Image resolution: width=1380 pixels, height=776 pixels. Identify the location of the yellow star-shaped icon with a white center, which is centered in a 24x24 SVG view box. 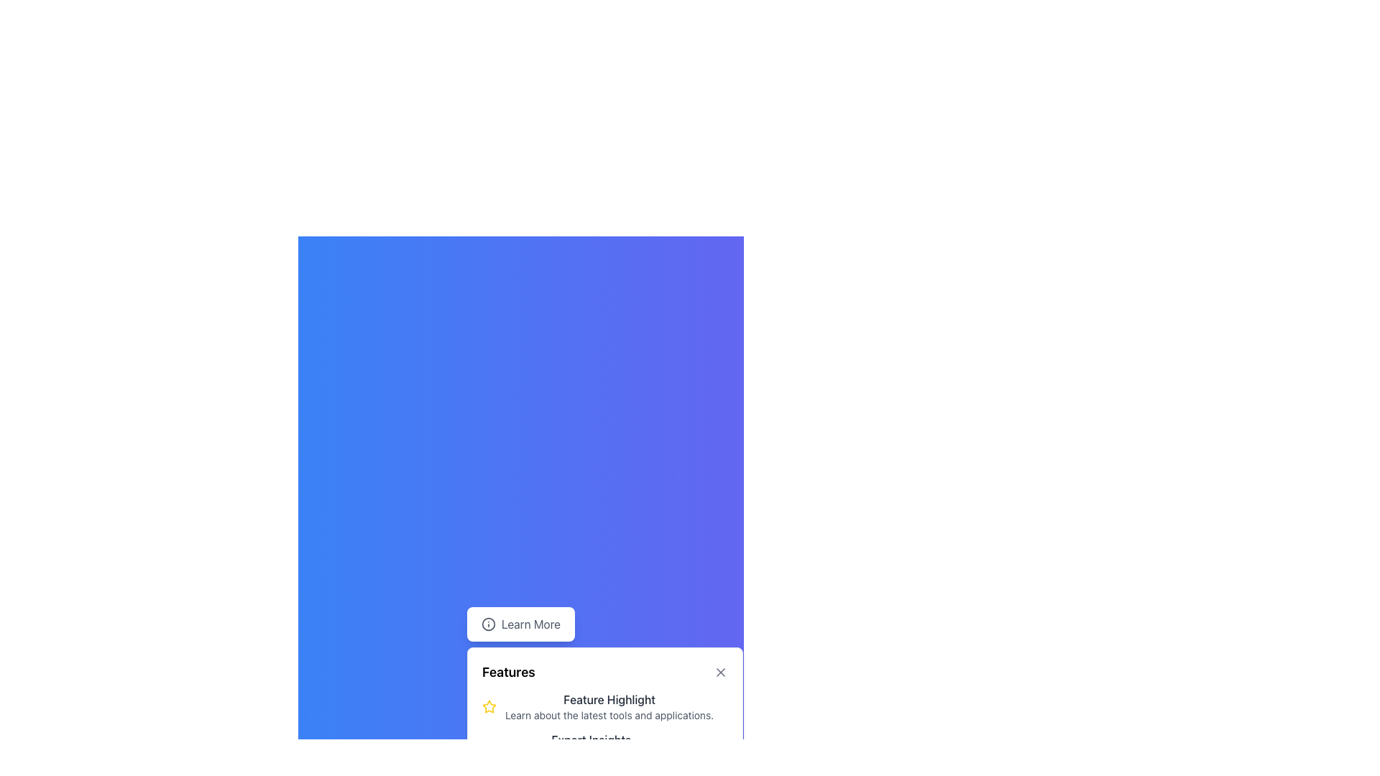
(489, 706).